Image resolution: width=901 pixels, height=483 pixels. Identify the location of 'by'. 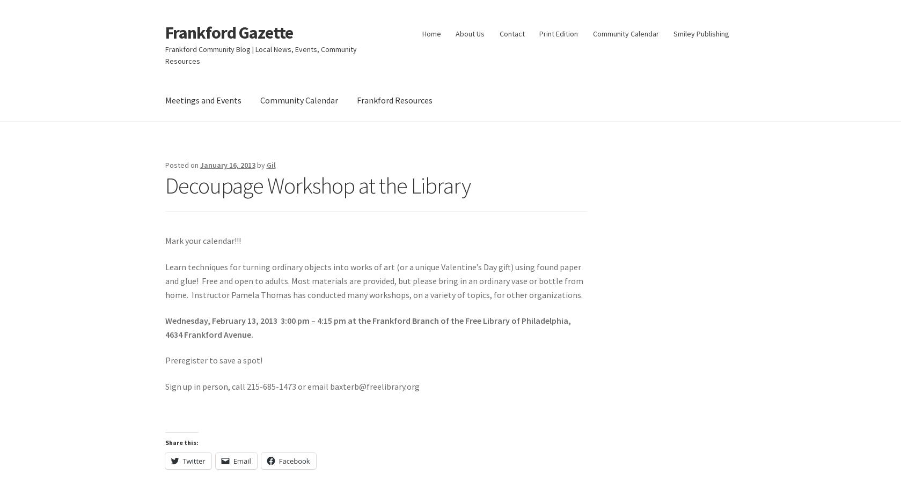
(261, 165).